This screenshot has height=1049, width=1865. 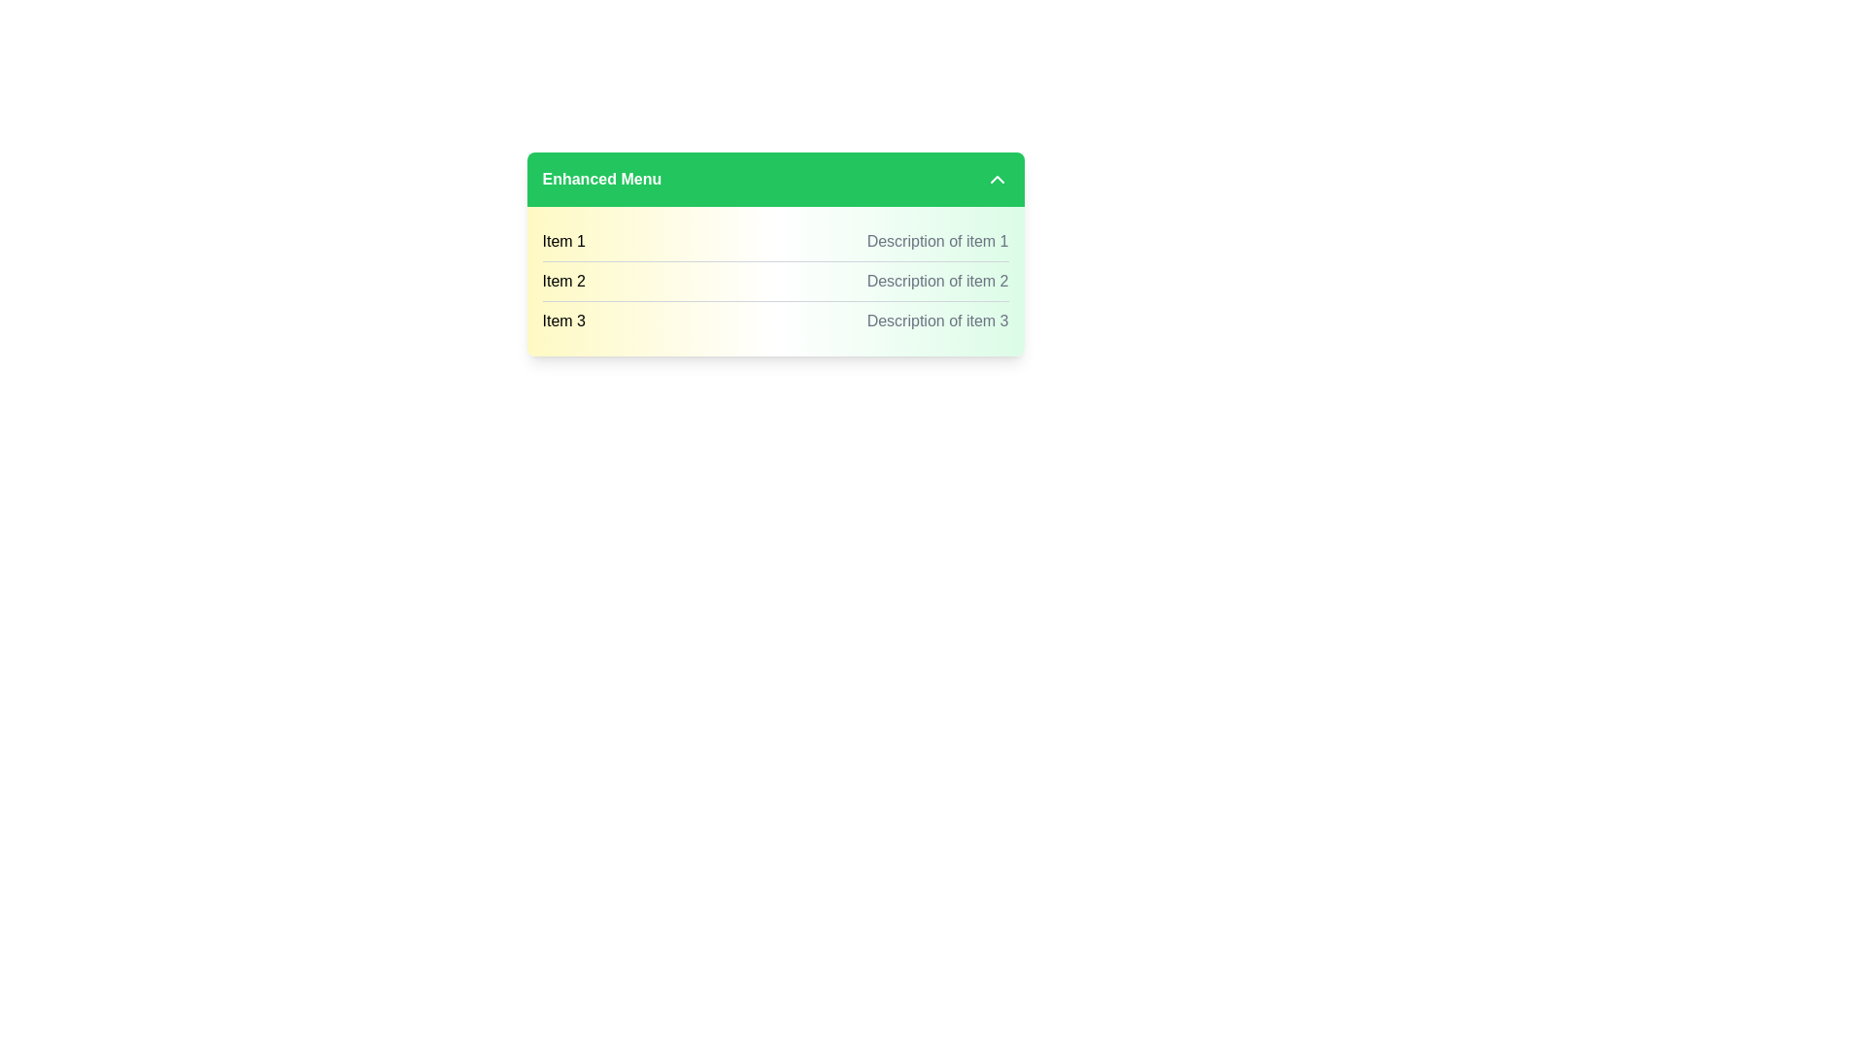 What do you see at coordinates (774, 281) in the screenshot?
I see `the row labeled 'Item 2'` at bounding box center [774, 281].